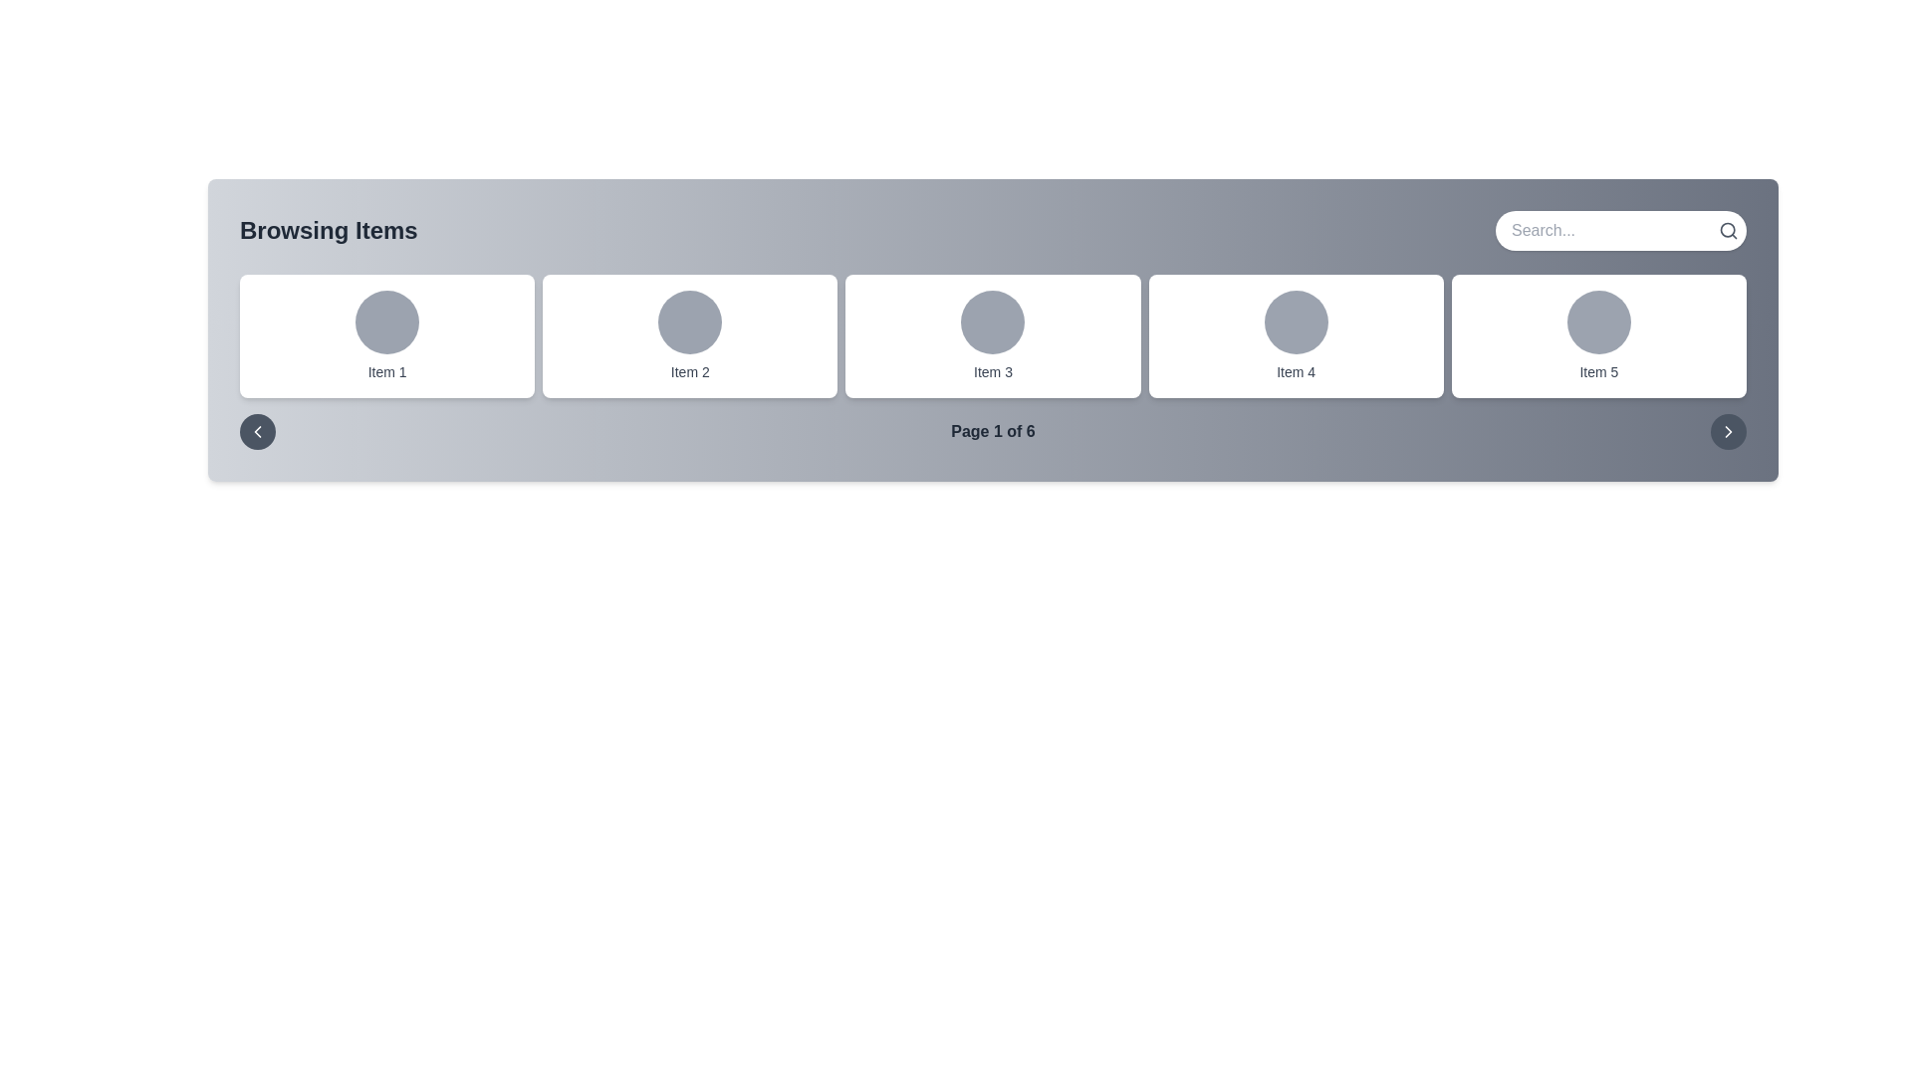 Image resolution: width=1912 pixels, height=1075 pixels. What do you see at coordinates (1727, 229) in the screenshot?
I see `the circular part of the magnifying glass icon located in the top right side of the header, which serves as a visual cue for the search action` at bounding box center [1727, 229].